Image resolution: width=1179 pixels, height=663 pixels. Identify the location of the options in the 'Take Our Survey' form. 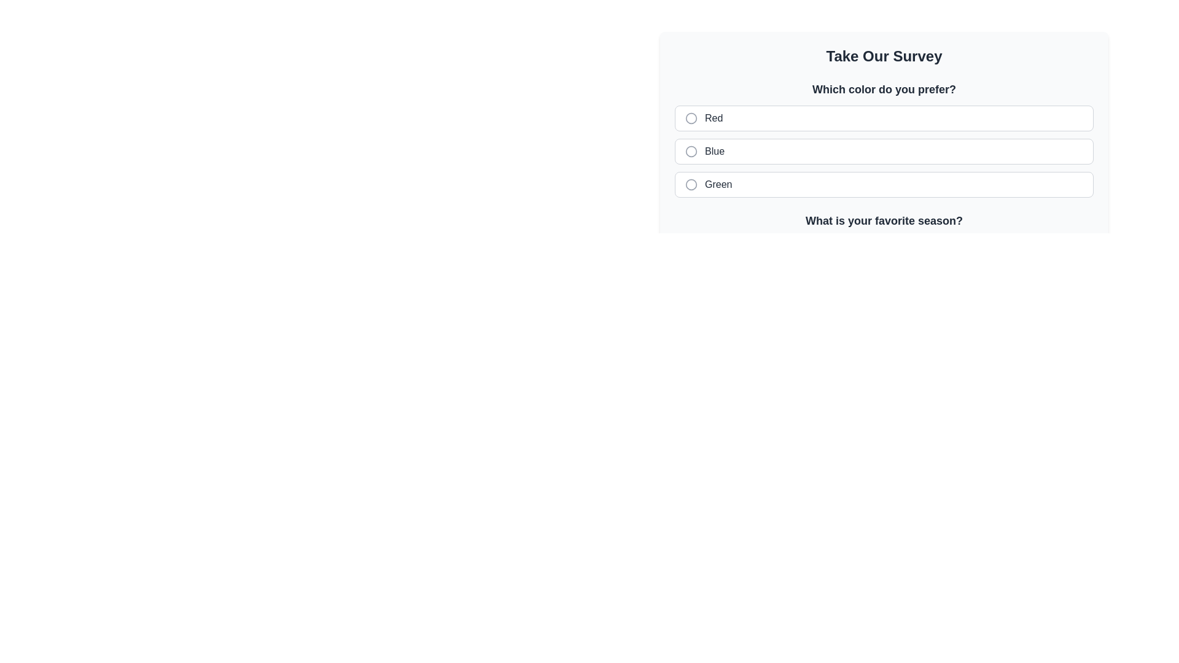
(884, 125).